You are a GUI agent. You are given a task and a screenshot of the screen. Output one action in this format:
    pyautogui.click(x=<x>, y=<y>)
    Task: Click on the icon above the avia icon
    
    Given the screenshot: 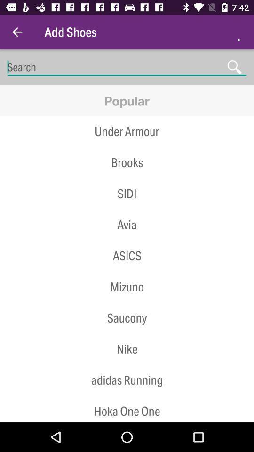 What is the action you would take?
    pyautogui.click(x=127, y=209)
    